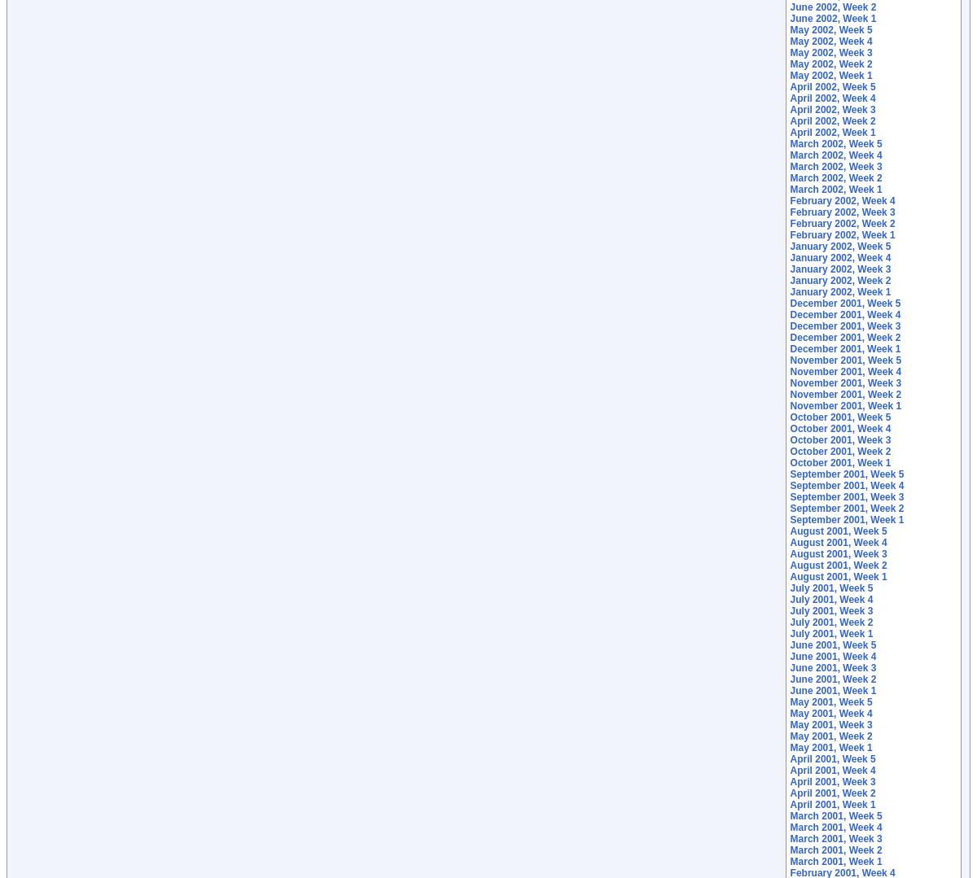  What do you see at coordinates (830, 701) in the screenshot?
I see `'May 2001, Week 5'` at bounding box center [830, 701].